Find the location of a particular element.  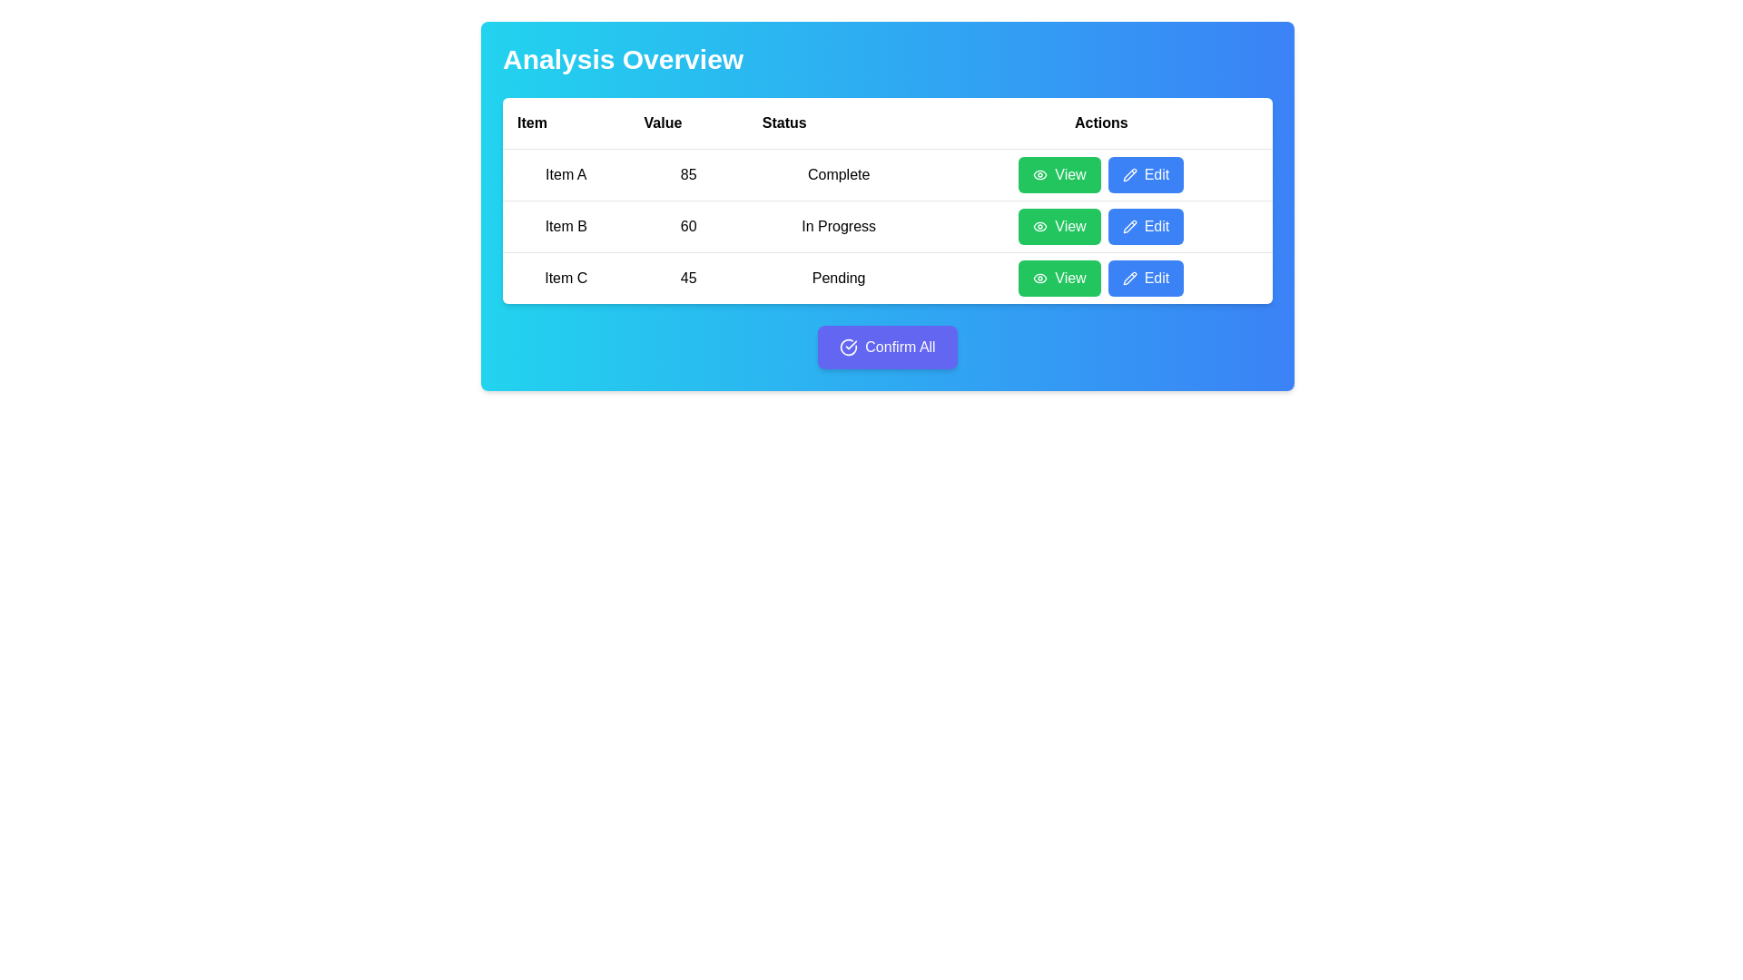

the green rectangular button labeled 'View' in the 'Actions' column of the first row is located at coordinates (1059, 174).